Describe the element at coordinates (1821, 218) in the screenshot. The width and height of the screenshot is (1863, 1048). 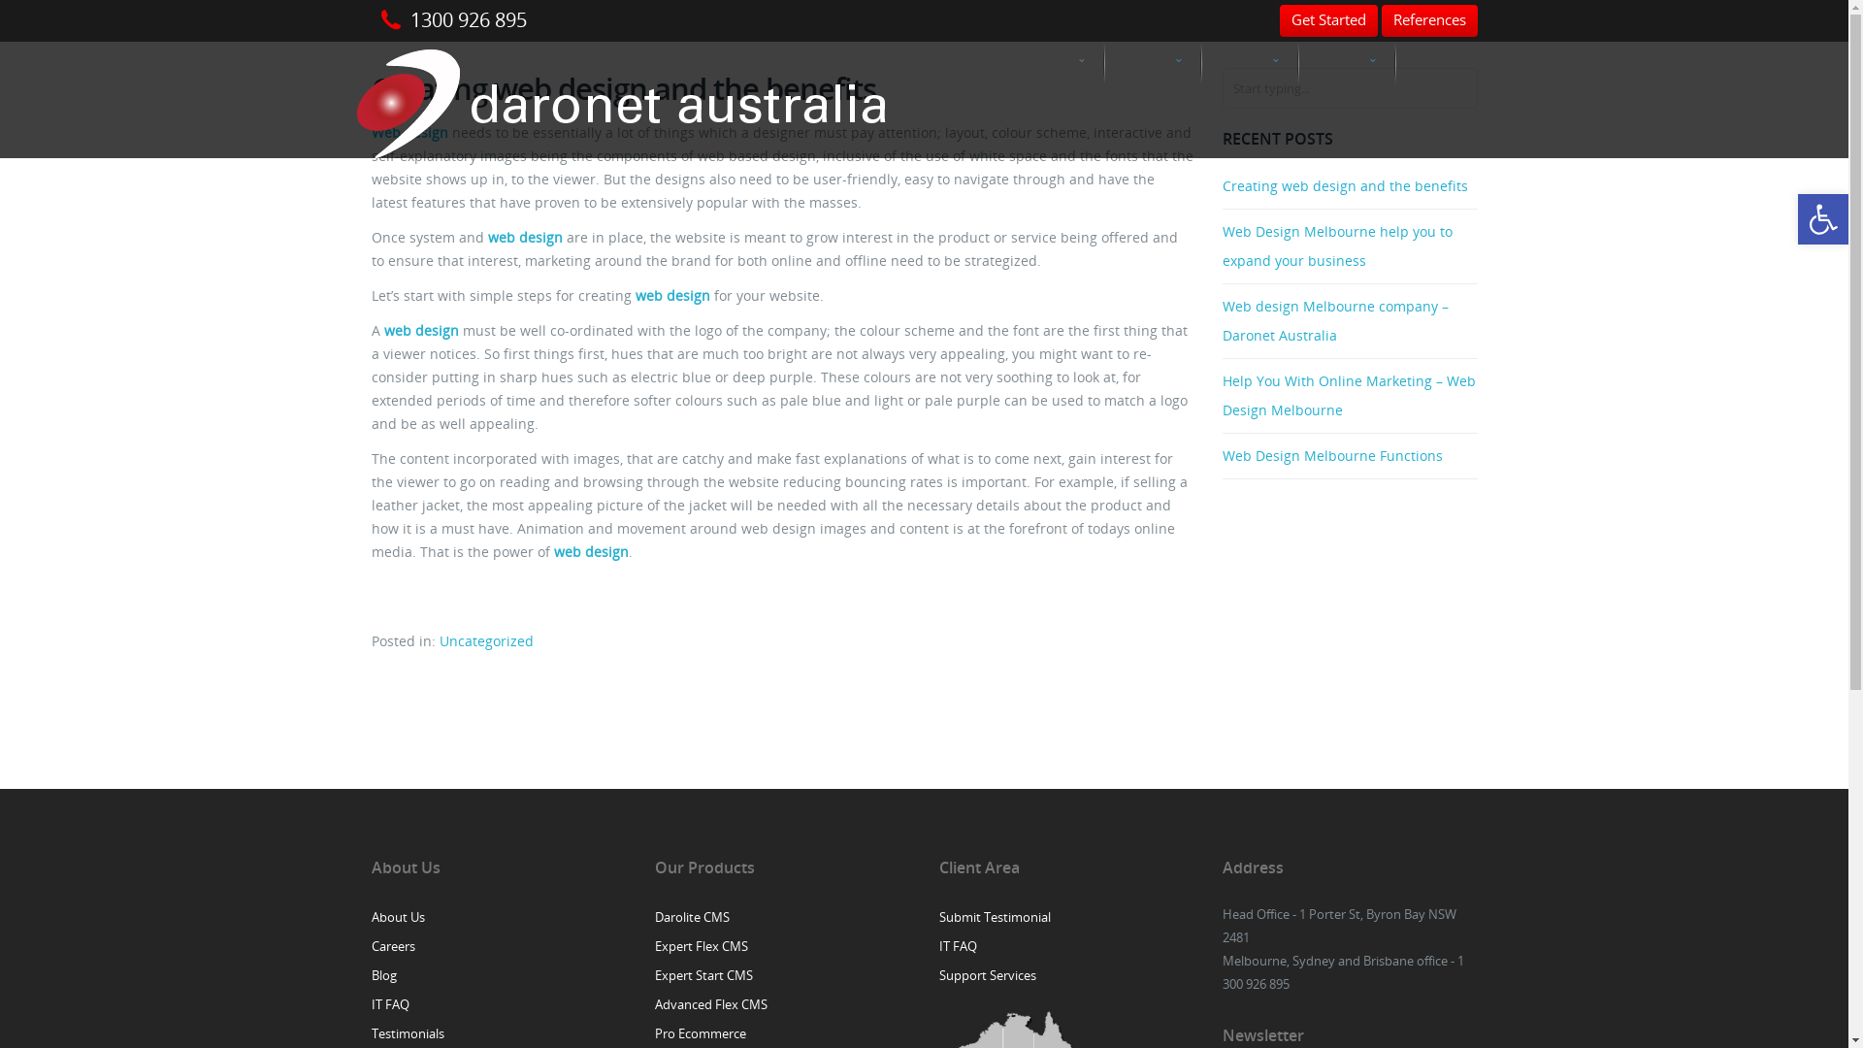
I see `'Open toolbar'` at that location.